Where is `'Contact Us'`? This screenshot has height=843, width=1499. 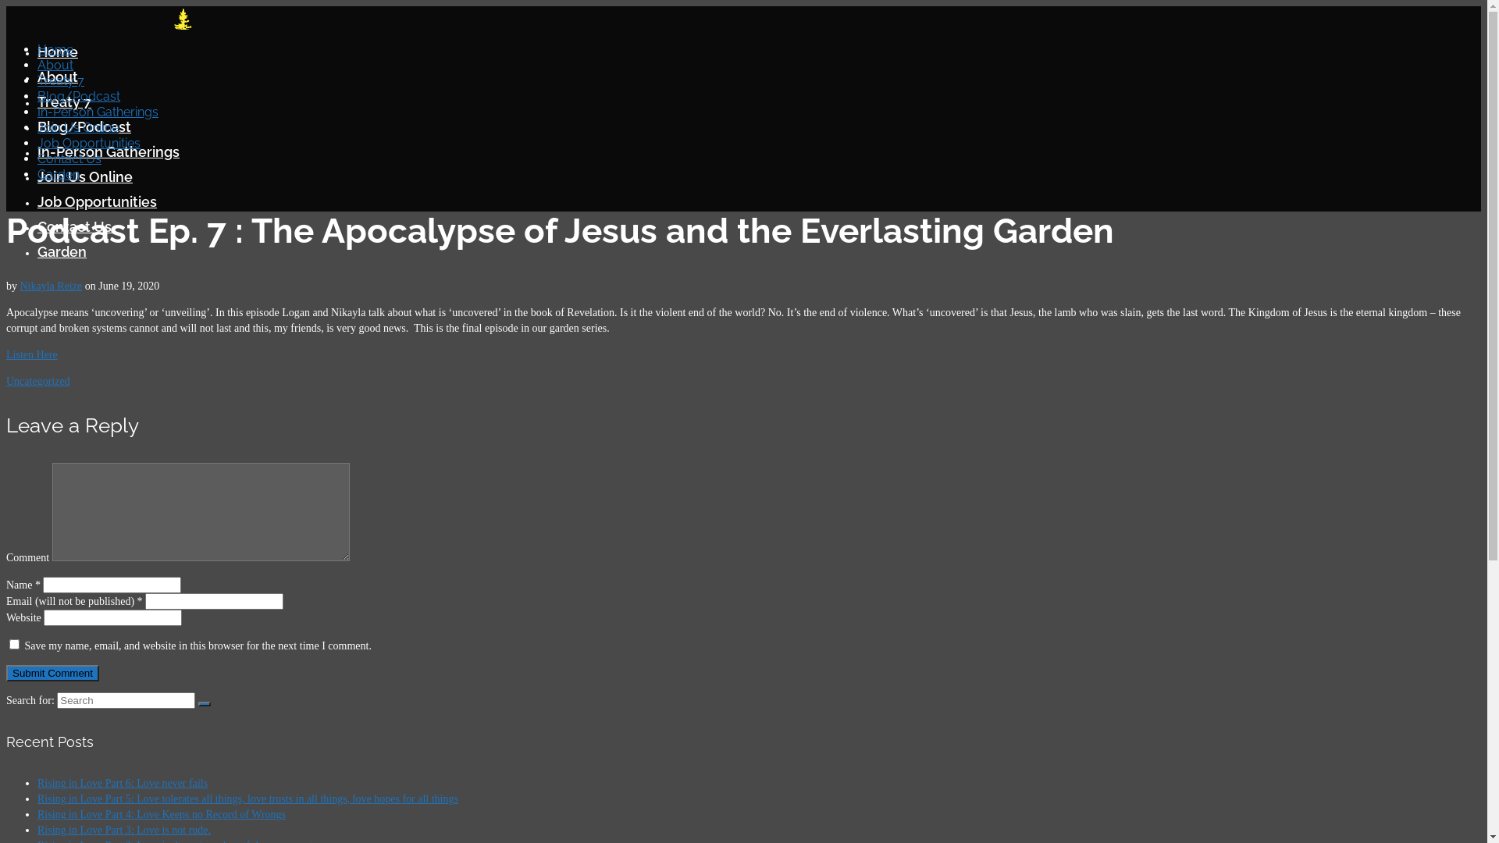 'Contact Us' is located at coordinates (69, 158).